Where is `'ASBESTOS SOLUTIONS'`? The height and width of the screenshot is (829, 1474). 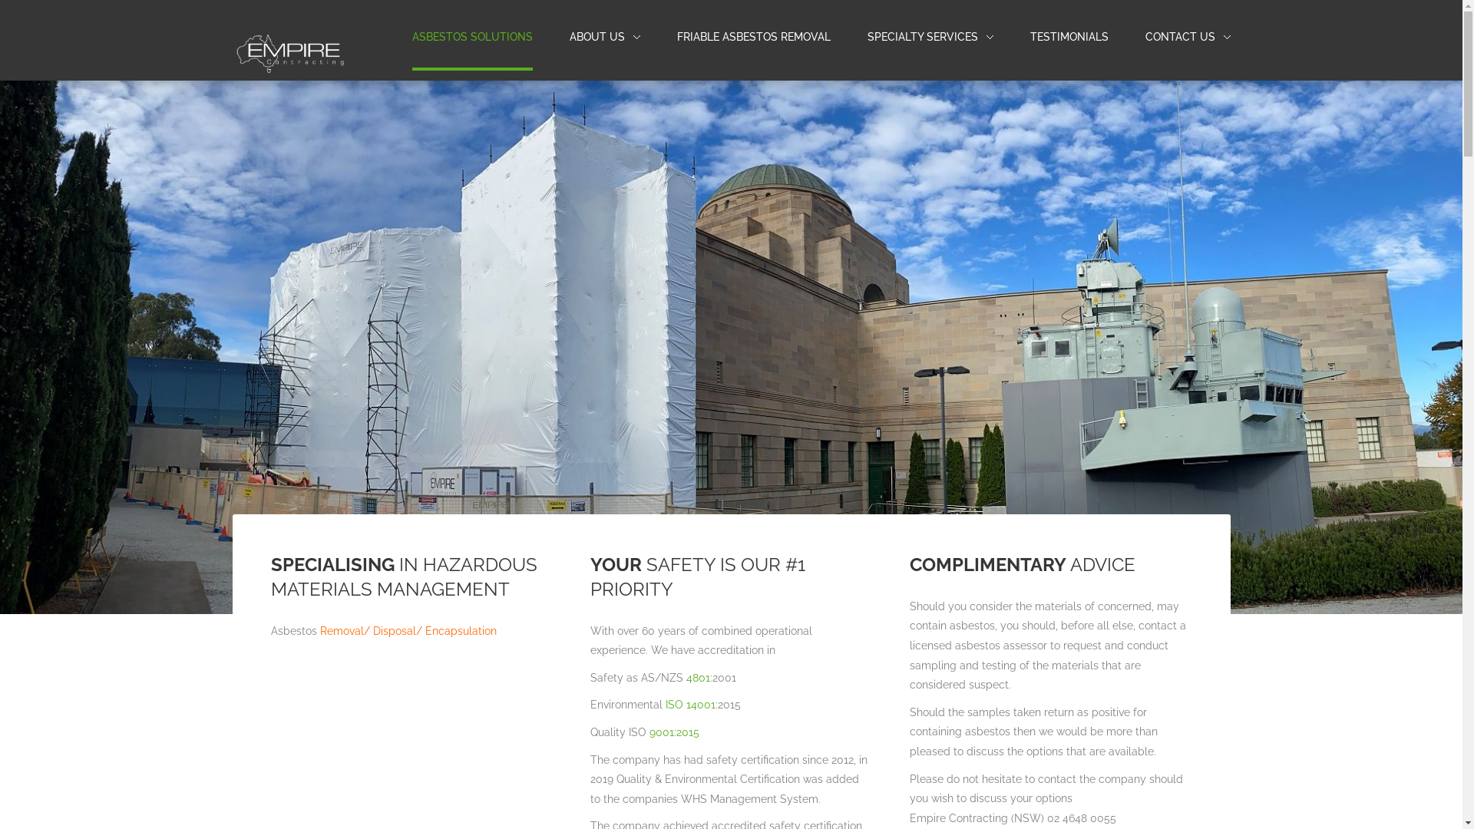
'ASBESTOS SOLUTIONS' is located at coordinates (471, 37).